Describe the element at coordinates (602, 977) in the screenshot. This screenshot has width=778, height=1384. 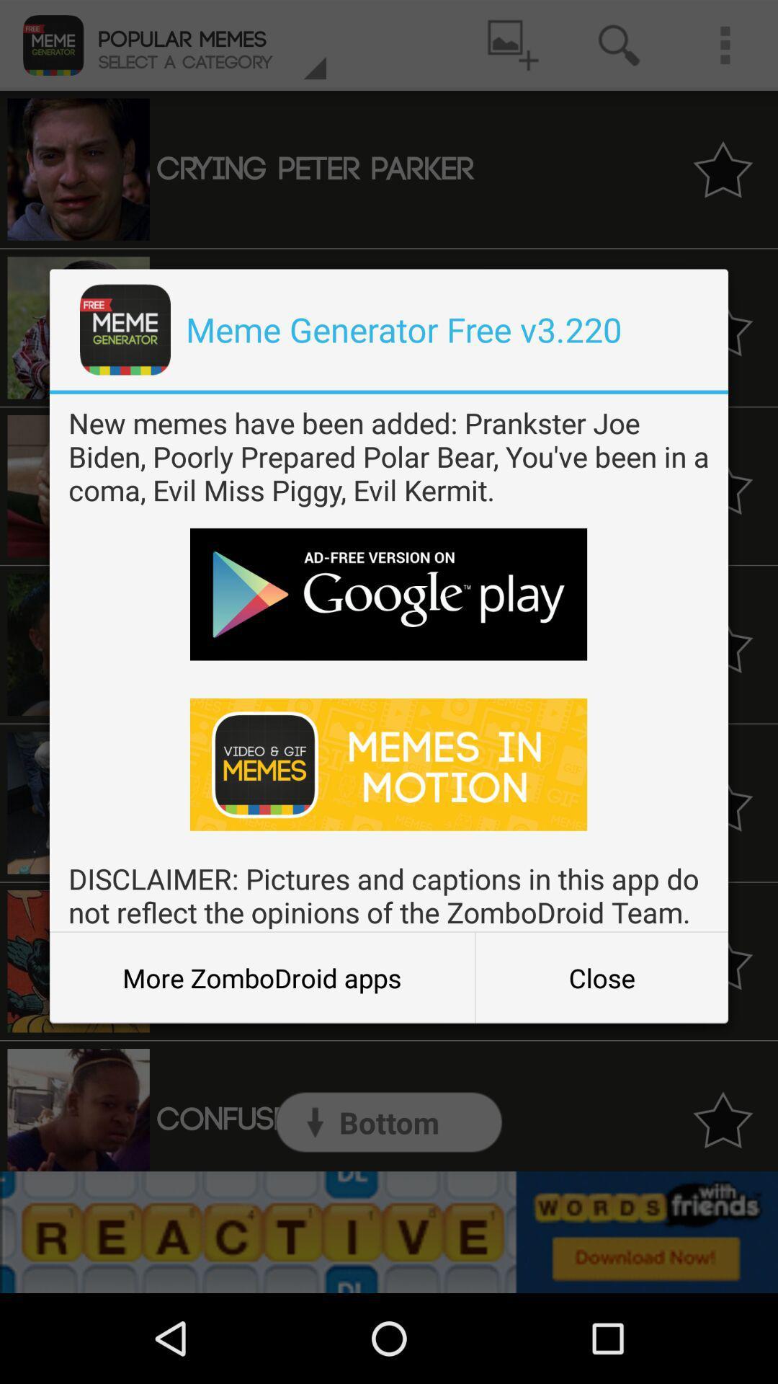
I see `the close icon` at that location.